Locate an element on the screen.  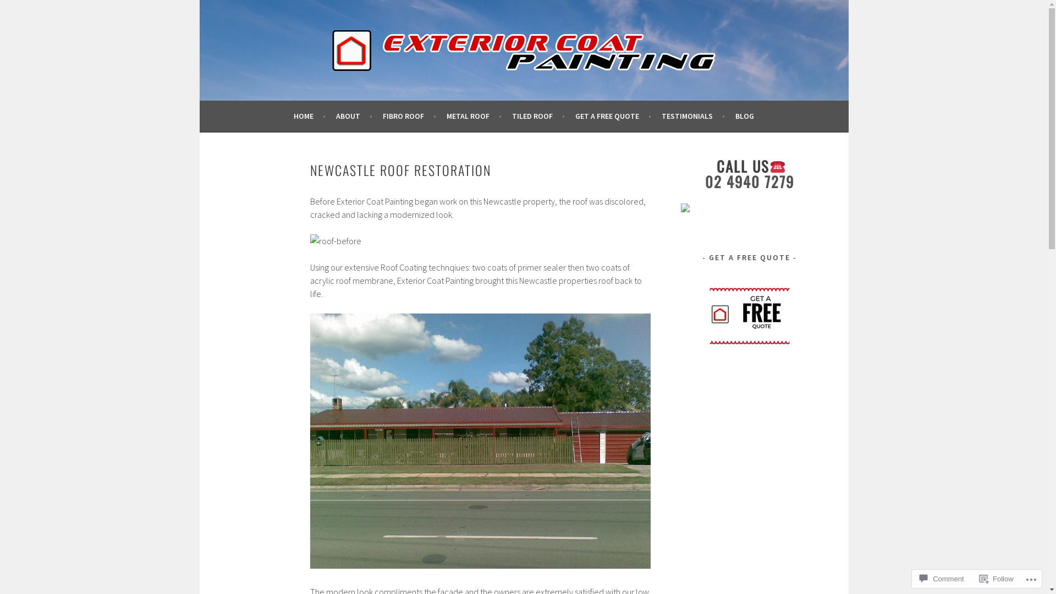
'METAL ROOF' is located at coordinates (474, 116).